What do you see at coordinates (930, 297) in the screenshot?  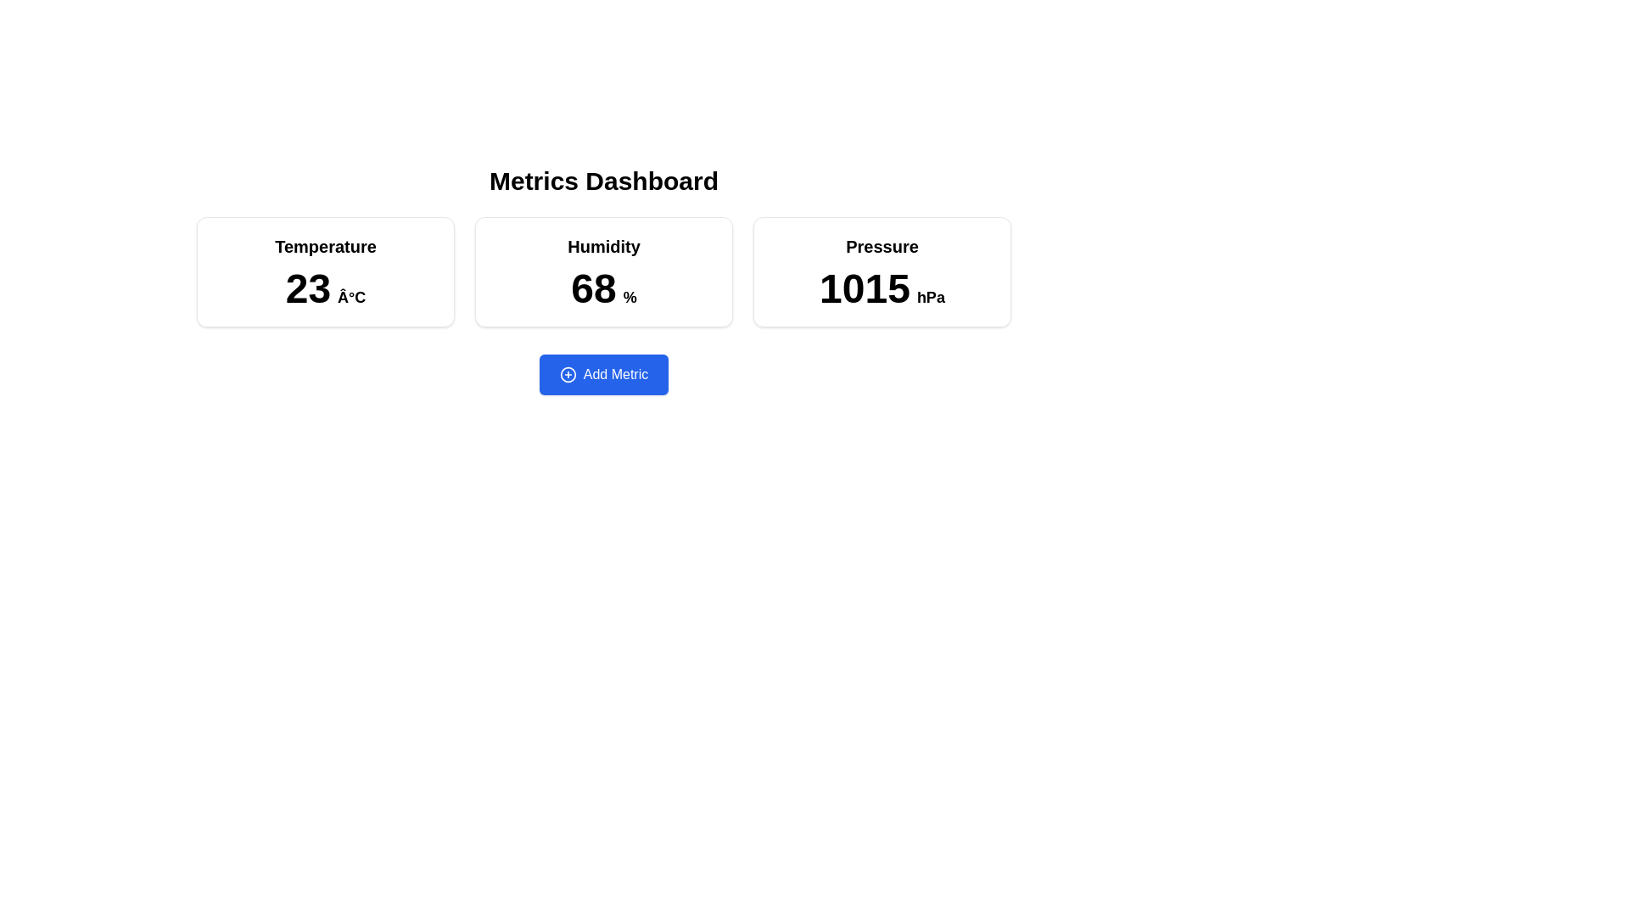 I see `the 'hPa' text label that indicates the unit of pressure, positioned next to the numeric value '1015' in the 'Pressure' panel on the dashboard` at bounding box center [930, 297].